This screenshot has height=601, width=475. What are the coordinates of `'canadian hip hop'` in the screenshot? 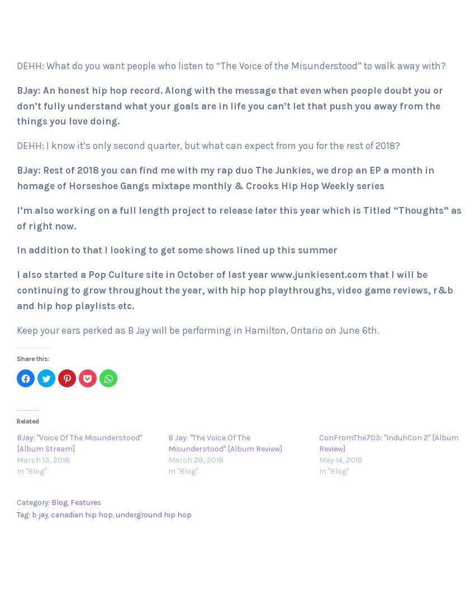 It's located at (82, 514).